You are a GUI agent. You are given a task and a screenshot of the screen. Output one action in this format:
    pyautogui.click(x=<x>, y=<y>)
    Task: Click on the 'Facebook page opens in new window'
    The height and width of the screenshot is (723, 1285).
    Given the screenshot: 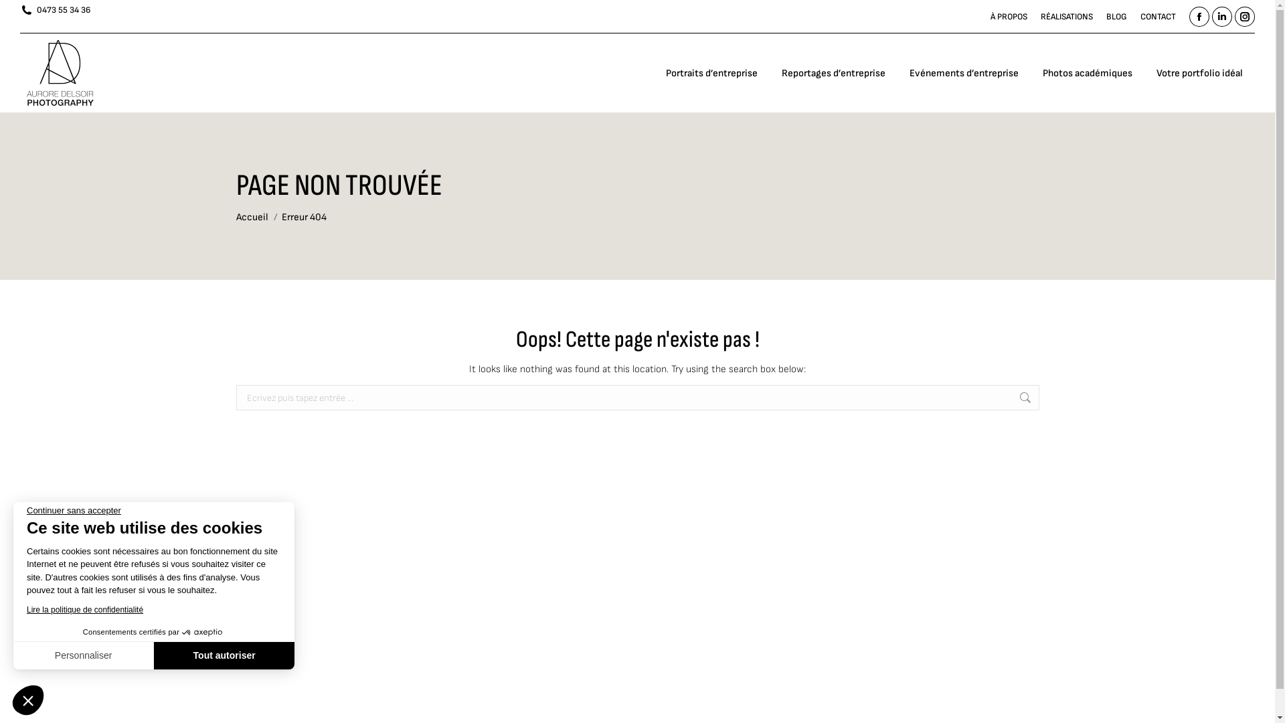 What is the action you would take?
    pyautogui.click(x=1199, y=16)
    